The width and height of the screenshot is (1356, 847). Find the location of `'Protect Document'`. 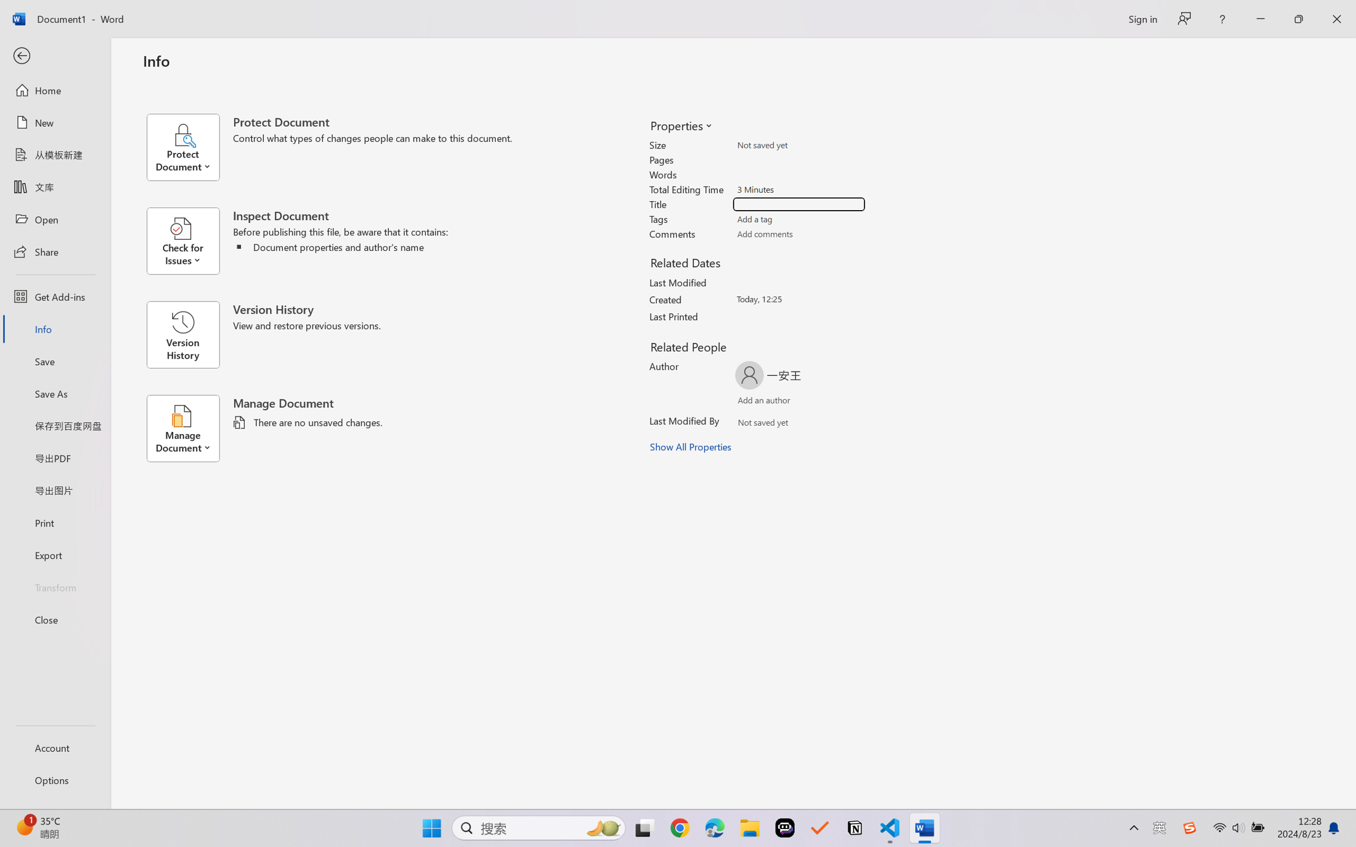

'Protect Document' is located at coordinates (189, 147).